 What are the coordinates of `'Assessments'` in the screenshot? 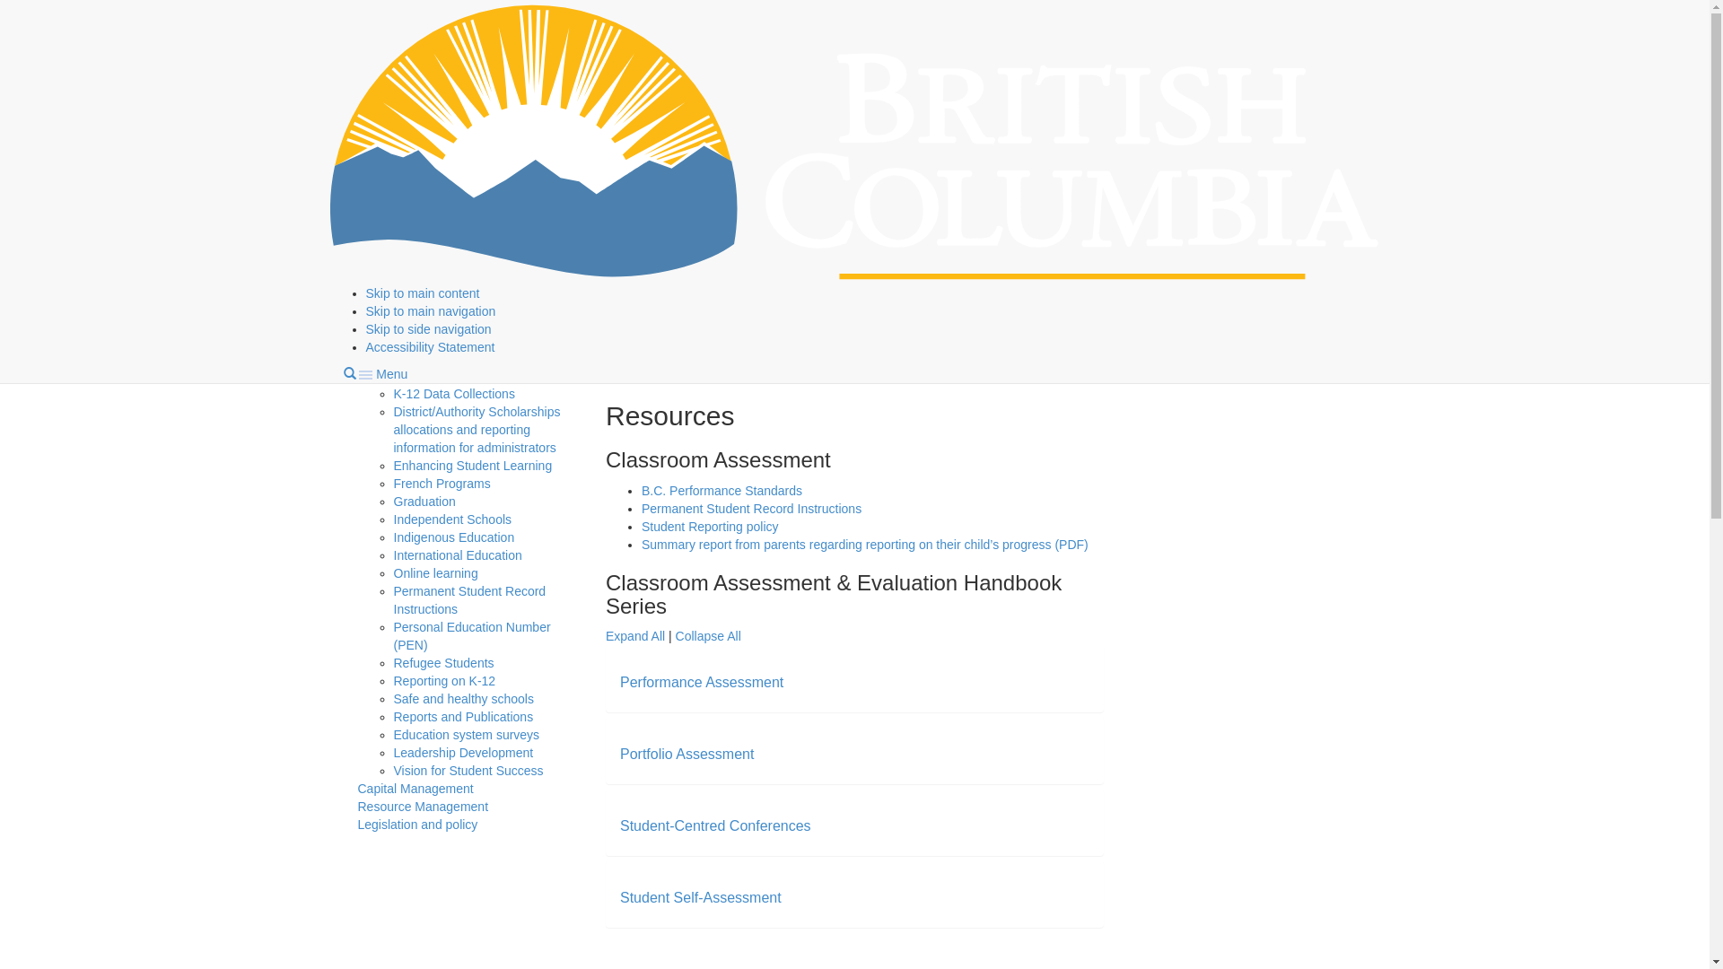 It's located at (429, 123).